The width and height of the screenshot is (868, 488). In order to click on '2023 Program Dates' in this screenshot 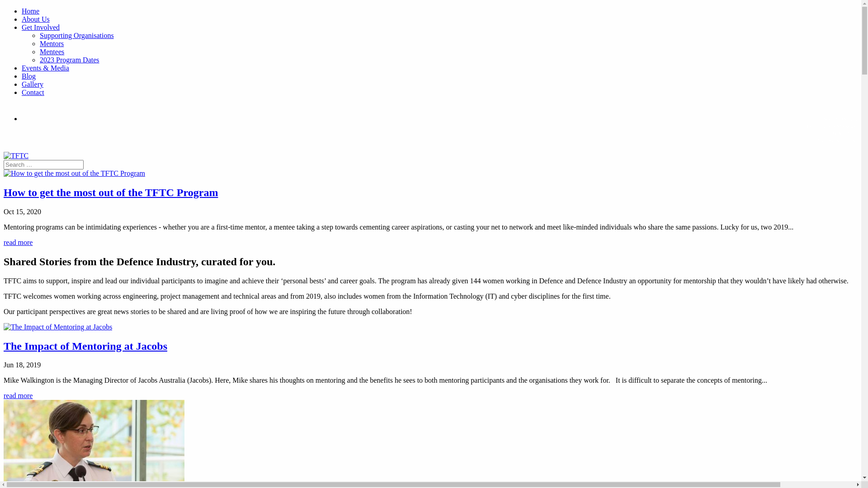, I will do `click(39, 60)`.